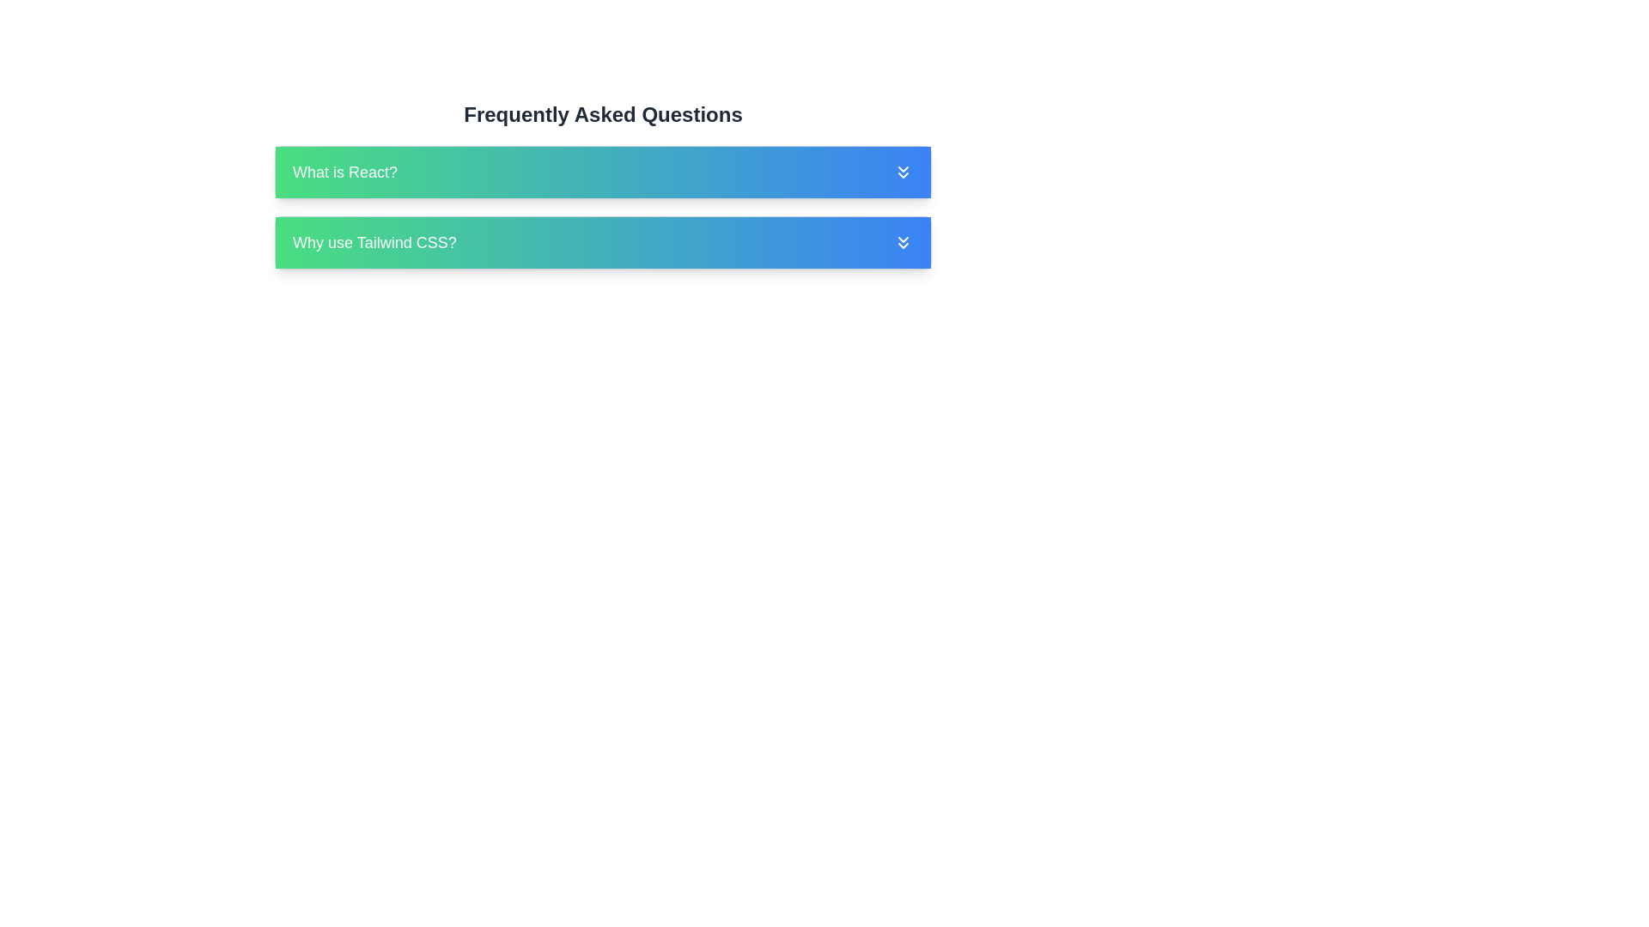  Describe the element at coordinates (603, 242) in the screenshot. I see `the button labeled 'Why use Tailwind CSS?' which has a gradient background from green to blue and features a downward chevron, located below the 'What is React?' button` at that location.